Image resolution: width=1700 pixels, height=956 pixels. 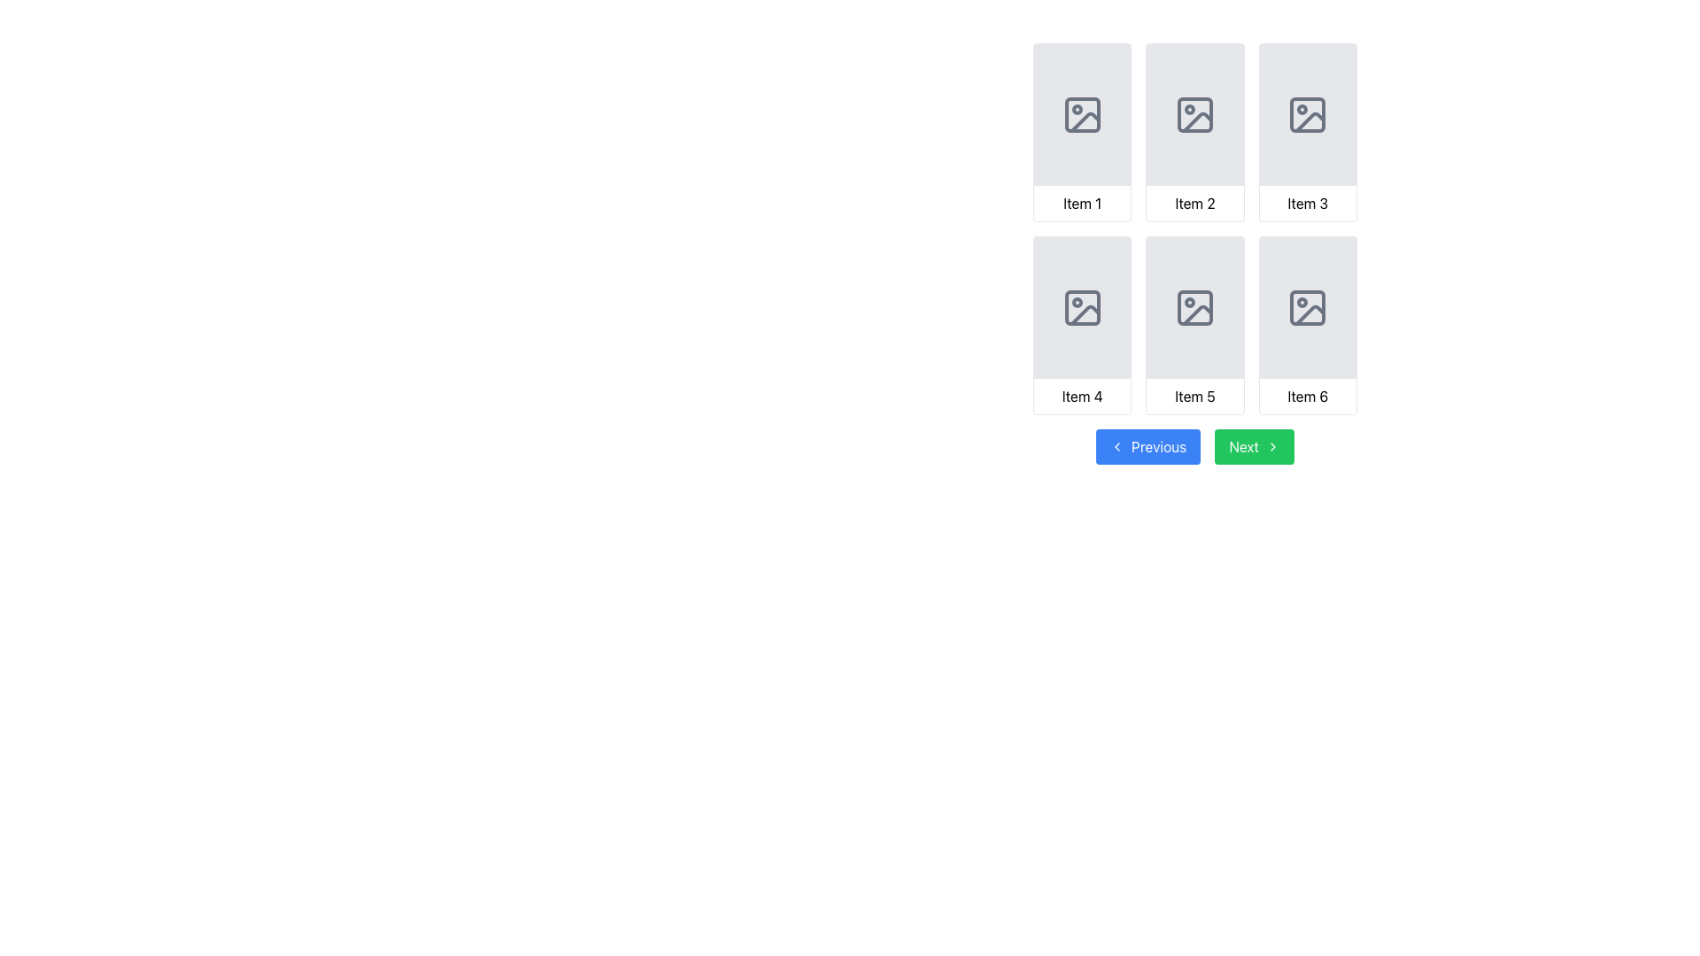 What do you see at coordinates (1081, 203) in the screenshot?
I see `the static text element labeled 'Item 1', which is located below the image placeholder in the top-left item of a 2x3 grid layout` at bounding box center [1081, 203].